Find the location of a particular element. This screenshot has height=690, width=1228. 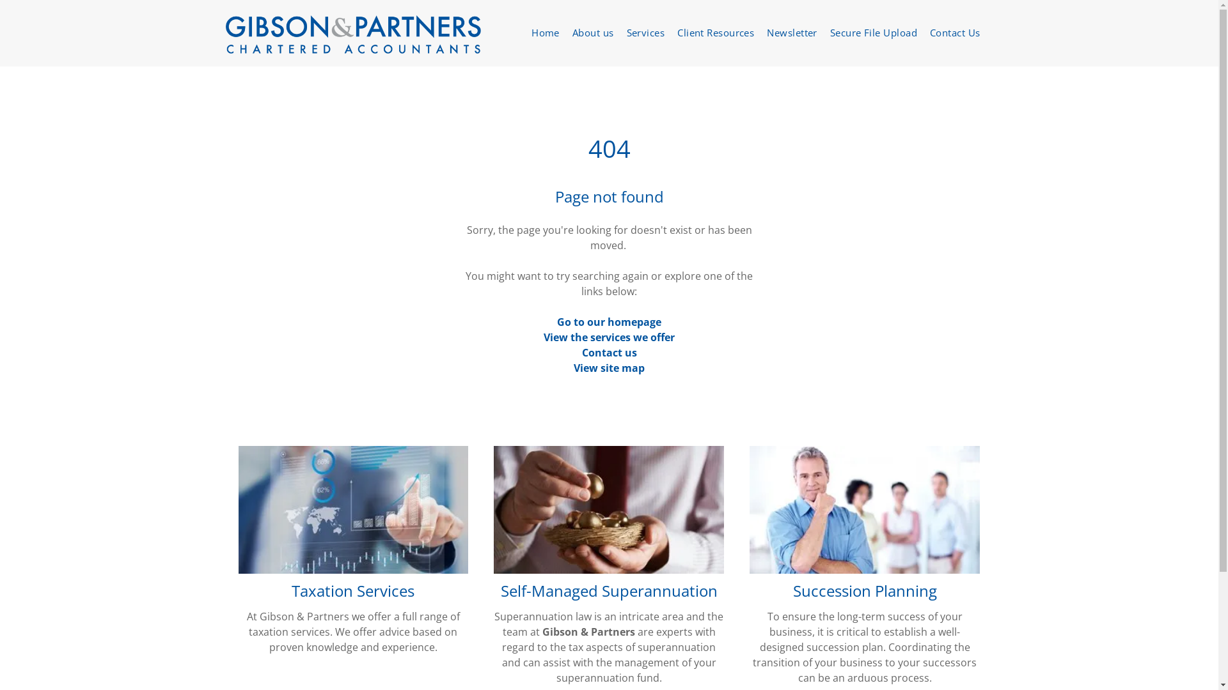

'View site map' is located at coordinates (608, 367).